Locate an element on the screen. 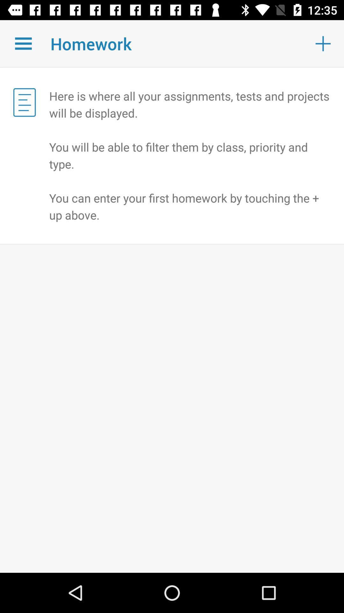 This screenshot has height=613, width=344. open options menu is located at coordinates (23, 43).